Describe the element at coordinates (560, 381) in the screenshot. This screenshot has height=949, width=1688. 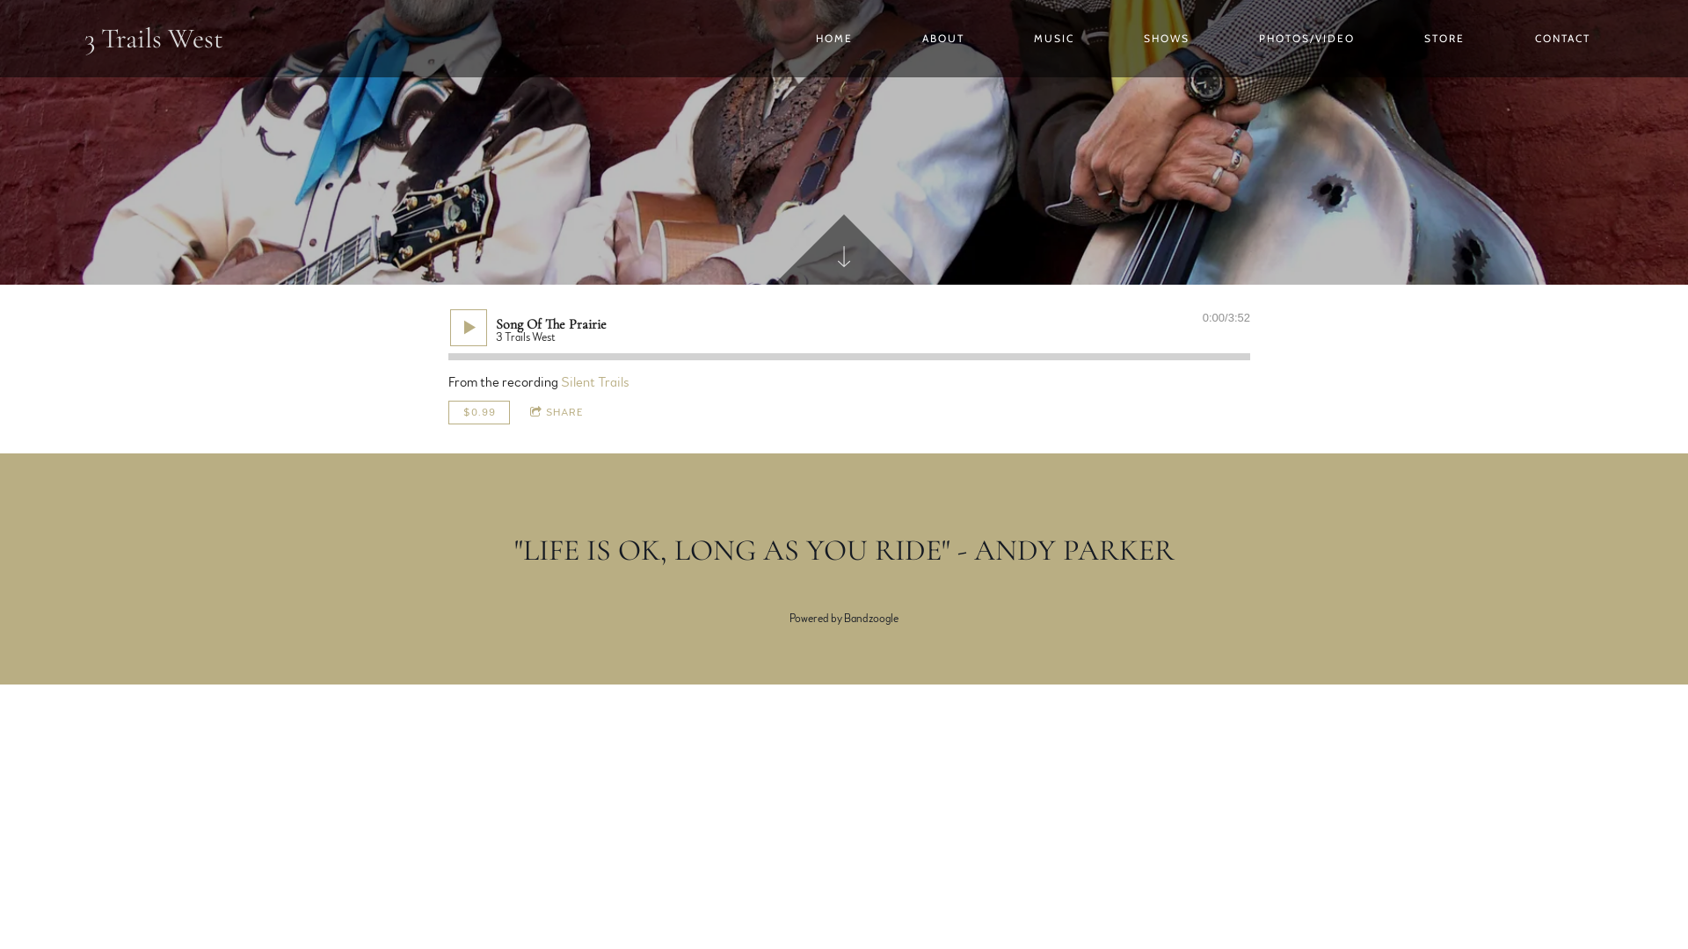
I see `'Silent Trails'` at that location.